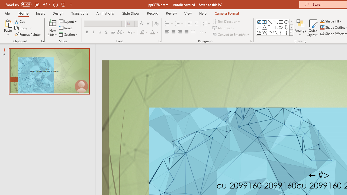  What do you see at coordinates (322, 27) in the screenshot?
I see `'Shape Outline Green, Accent 1'` at bounding box center [322, 27].